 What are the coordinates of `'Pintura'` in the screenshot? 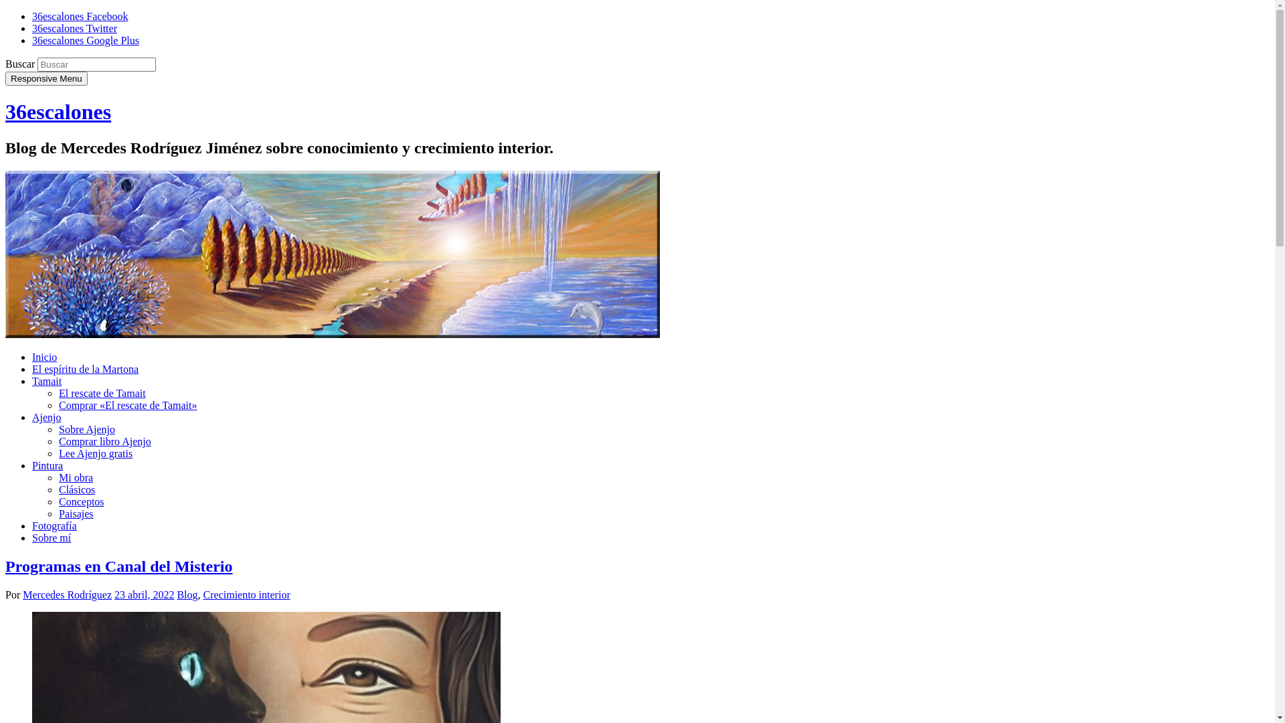 It's located at (48, 465).